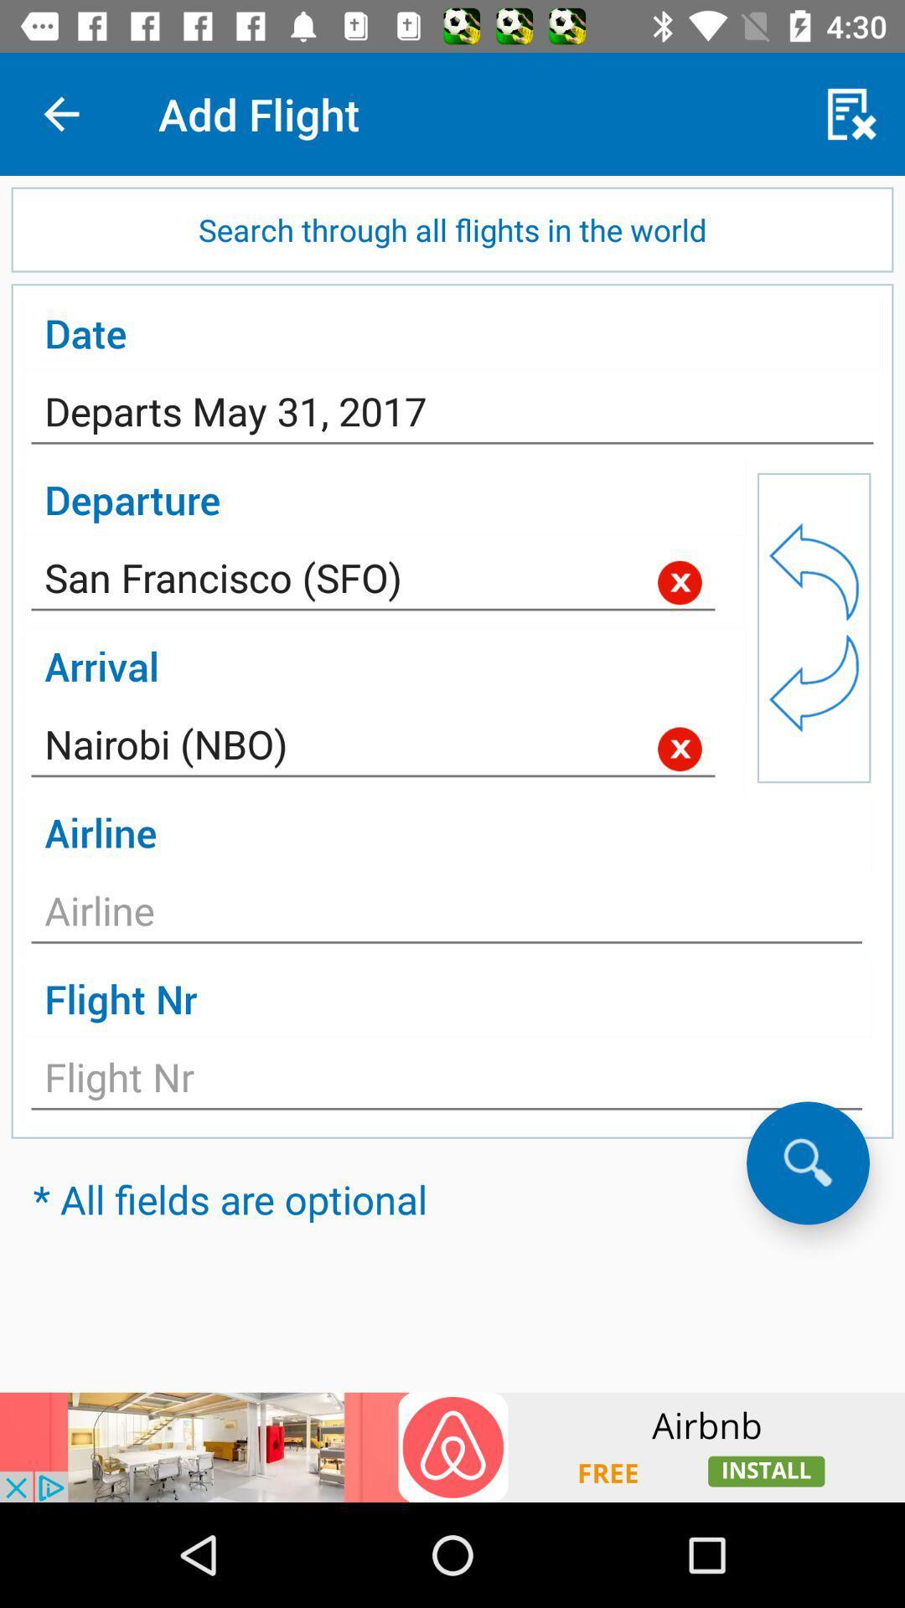 The image size is (905, 1608). Describe the element at coordinates (446, 1082) in the screenshot. I see `type flight nr` at that location.